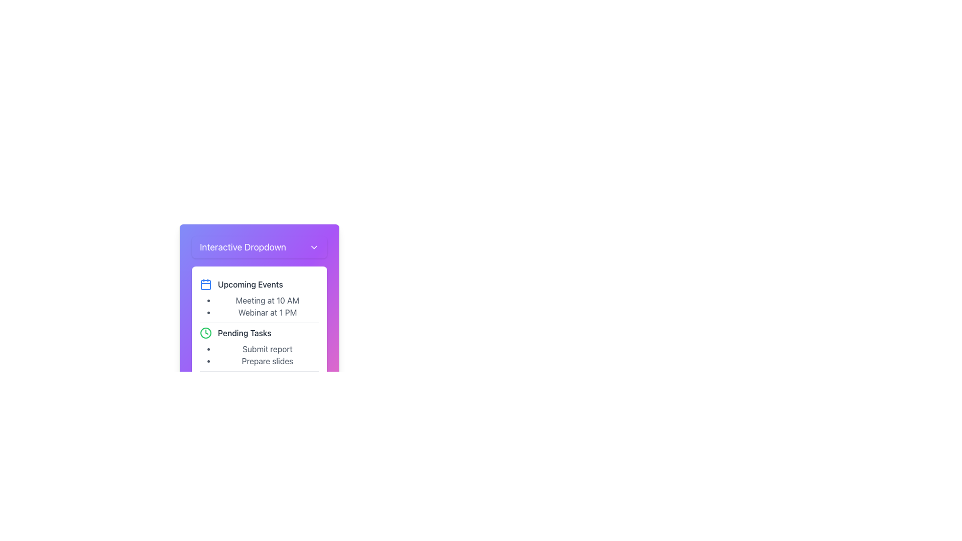 The height and width of the screenshot is (541, 962). What do you see at coordinates (260, 298) in the screenshot?
I see `information displayed in the text segment located directly below the top of the dropdown layout, which presents details about upcoming events` at bounding box center [260, 298].